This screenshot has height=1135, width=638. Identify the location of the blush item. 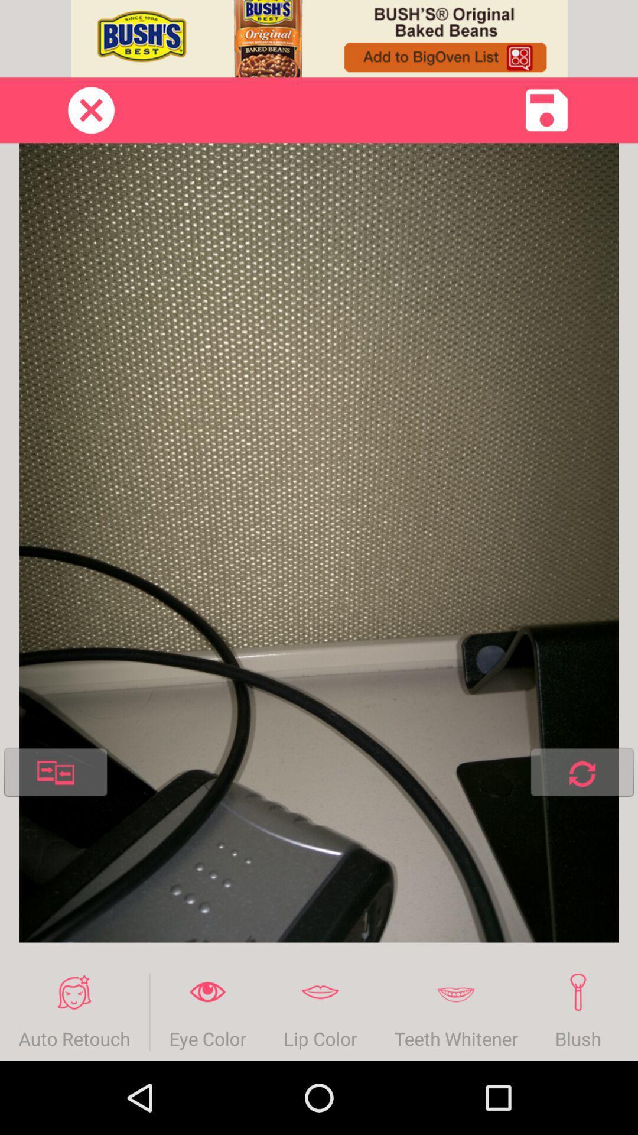
(577, 1011).